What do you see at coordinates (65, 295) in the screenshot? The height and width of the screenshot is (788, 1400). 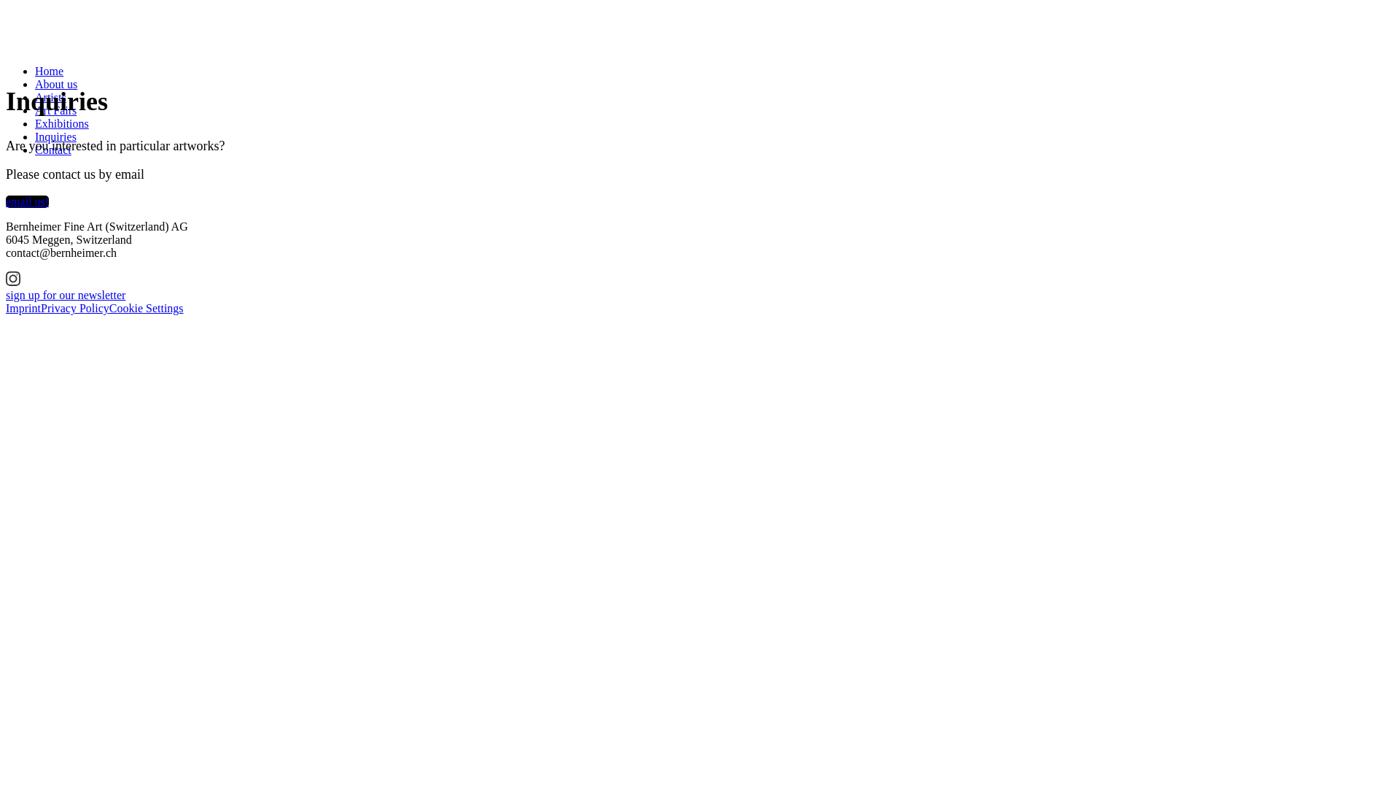 I see `'sign up for our newsletter'` at bounding box center [65, 295].